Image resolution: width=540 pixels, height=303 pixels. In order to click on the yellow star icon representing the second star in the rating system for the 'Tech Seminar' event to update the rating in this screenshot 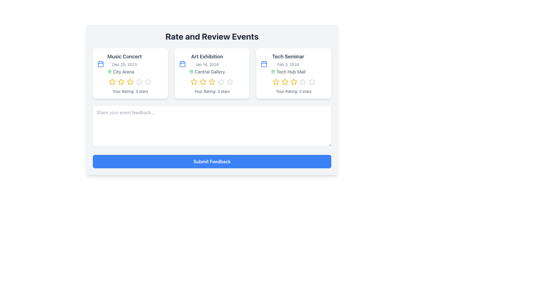, I will do `click(285, 82)`.